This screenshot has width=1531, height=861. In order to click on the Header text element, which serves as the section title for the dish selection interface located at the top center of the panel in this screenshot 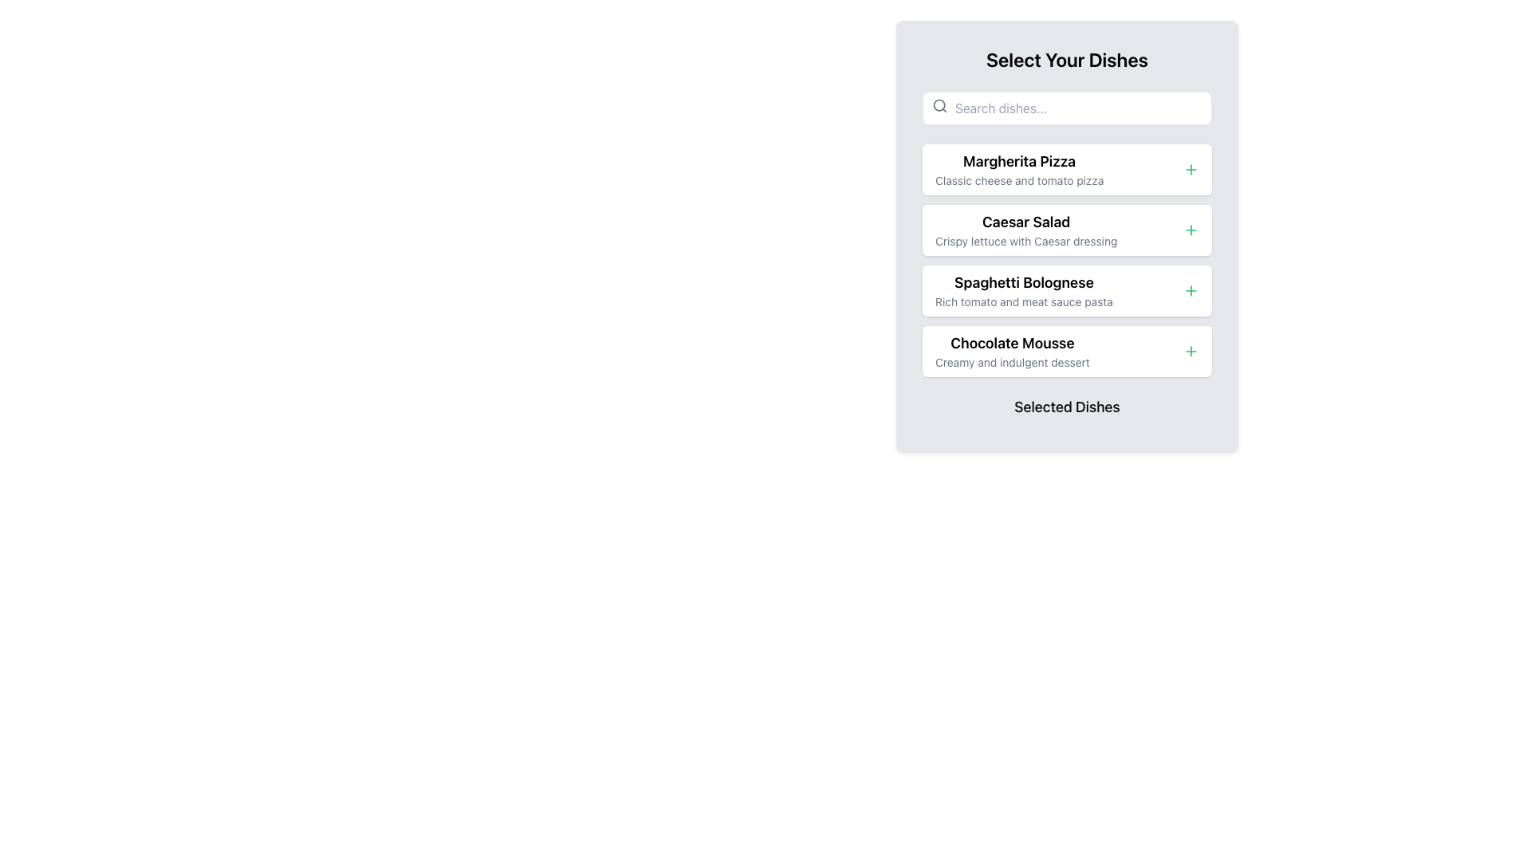, I will do `click(1067, 58)`.